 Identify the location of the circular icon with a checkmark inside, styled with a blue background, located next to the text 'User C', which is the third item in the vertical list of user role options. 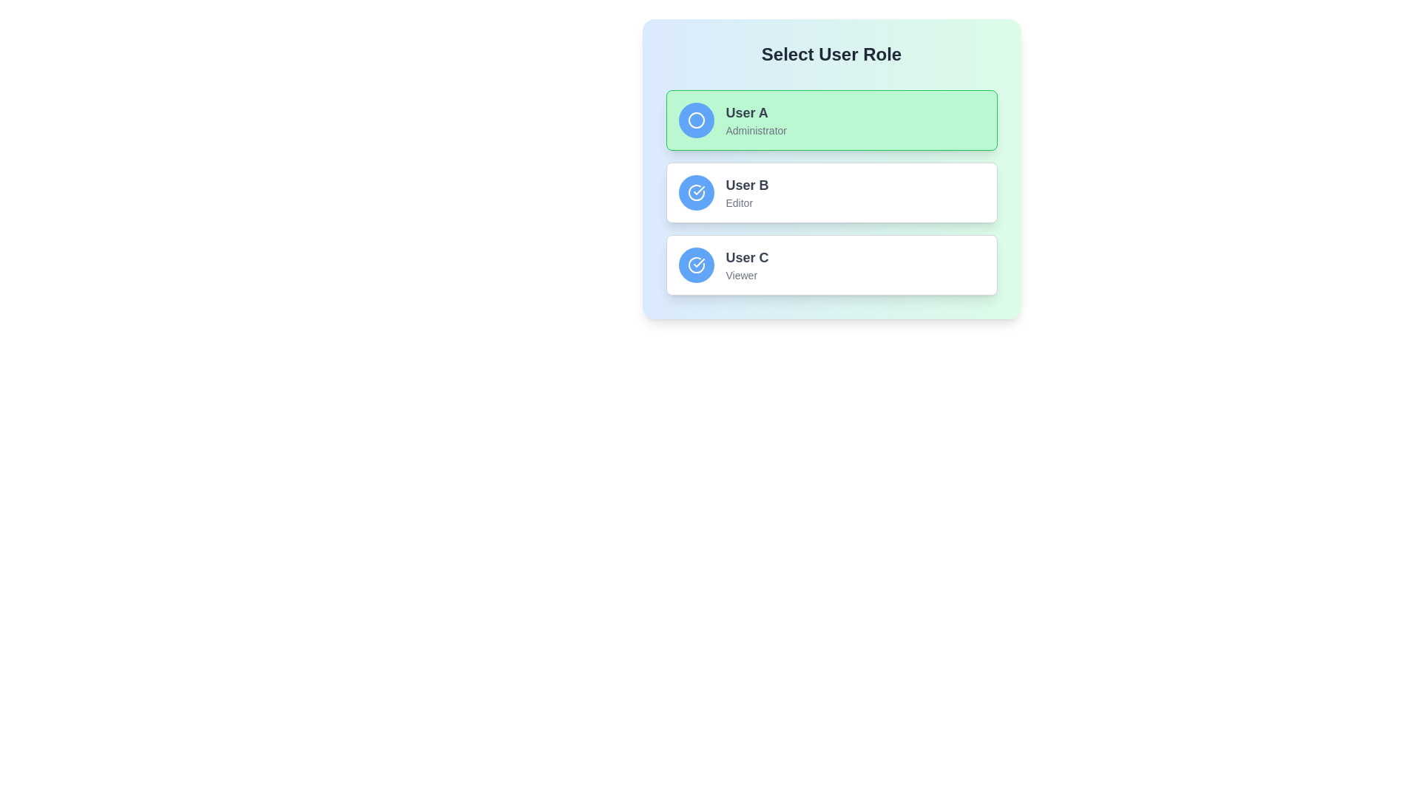
(695, 192).